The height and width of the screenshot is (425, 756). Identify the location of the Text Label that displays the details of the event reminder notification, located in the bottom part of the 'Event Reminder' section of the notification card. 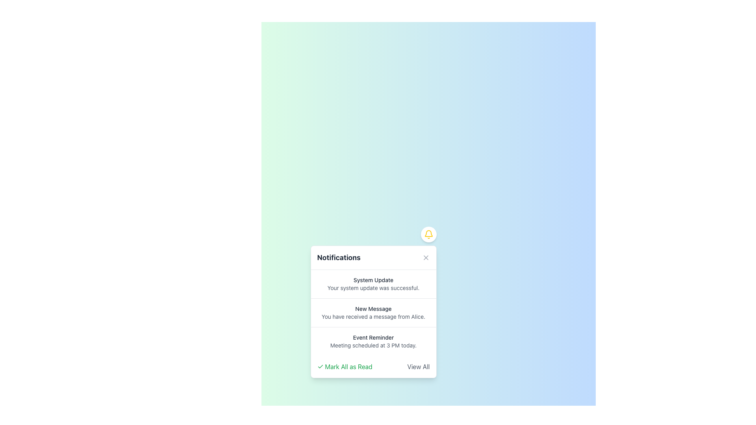
(373, 345).